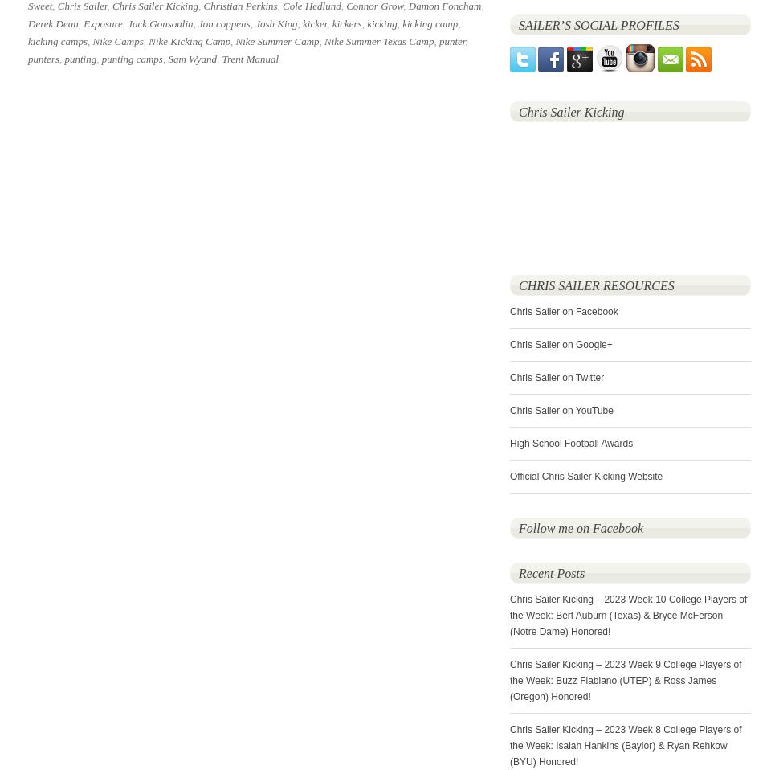 This screenshot has width=771, height=770. I want to click on 'punting camps', so click(130, 58).